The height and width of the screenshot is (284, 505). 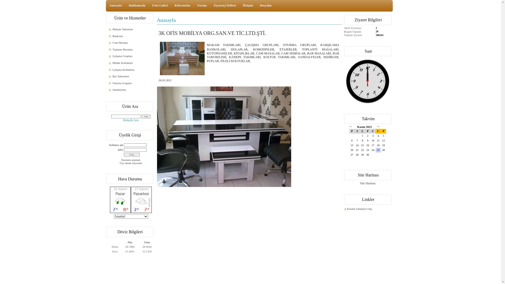 What do you see at coordinates (266, 5) in the screenshot?
I see `'Dosyalar'` at bounding box center [266, 5].